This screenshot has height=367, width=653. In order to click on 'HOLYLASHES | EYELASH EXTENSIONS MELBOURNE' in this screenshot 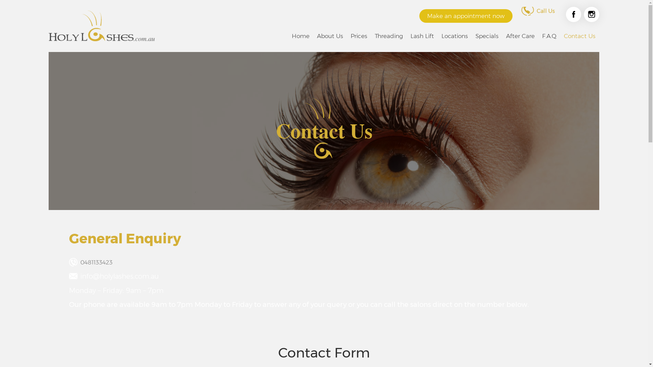, I will do `click(101, 26)`.